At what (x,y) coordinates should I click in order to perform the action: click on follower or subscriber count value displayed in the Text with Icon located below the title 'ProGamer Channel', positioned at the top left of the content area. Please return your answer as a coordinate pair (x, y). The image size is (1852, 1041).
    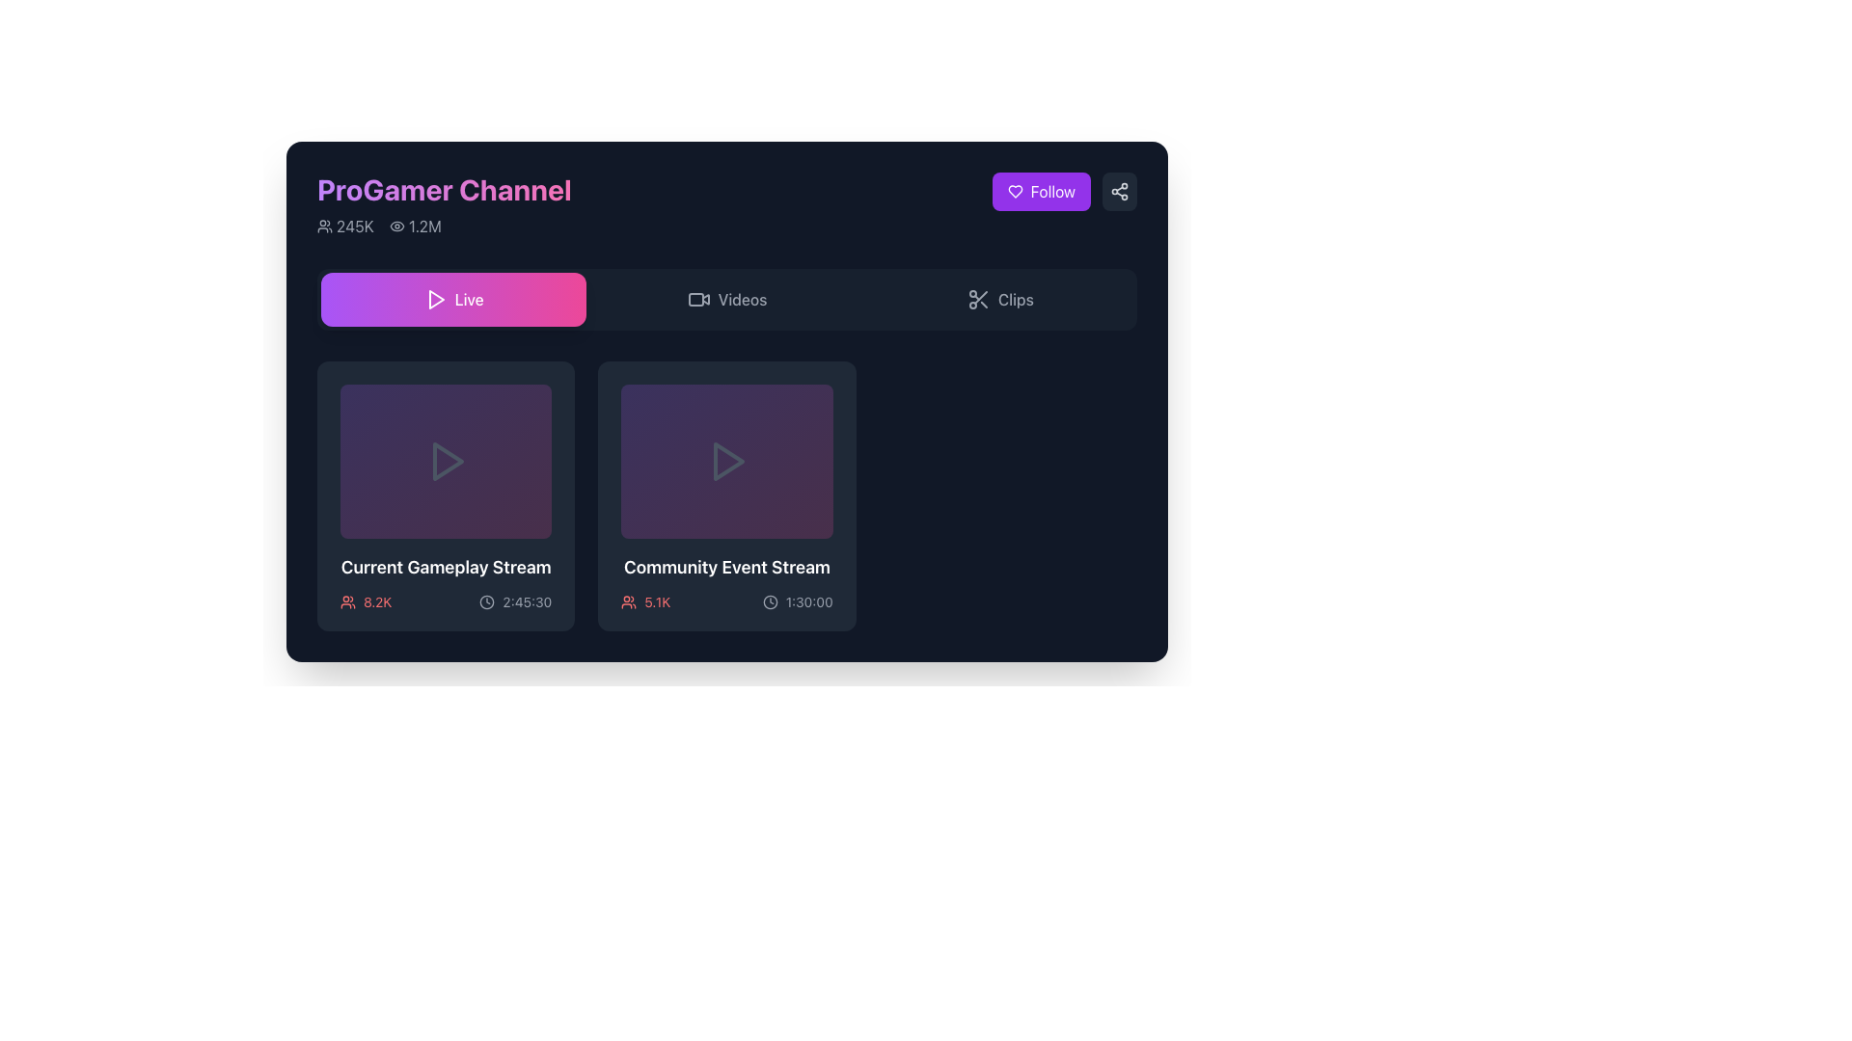
    Looking at the image, I should click on (345, 226).